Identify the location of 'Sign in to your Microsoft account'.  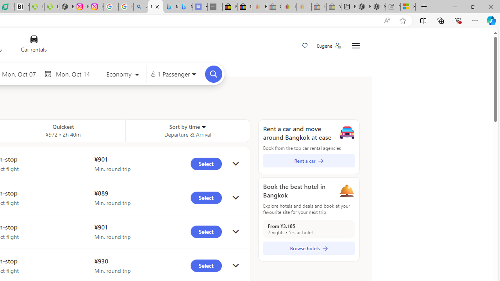
(408, 7).